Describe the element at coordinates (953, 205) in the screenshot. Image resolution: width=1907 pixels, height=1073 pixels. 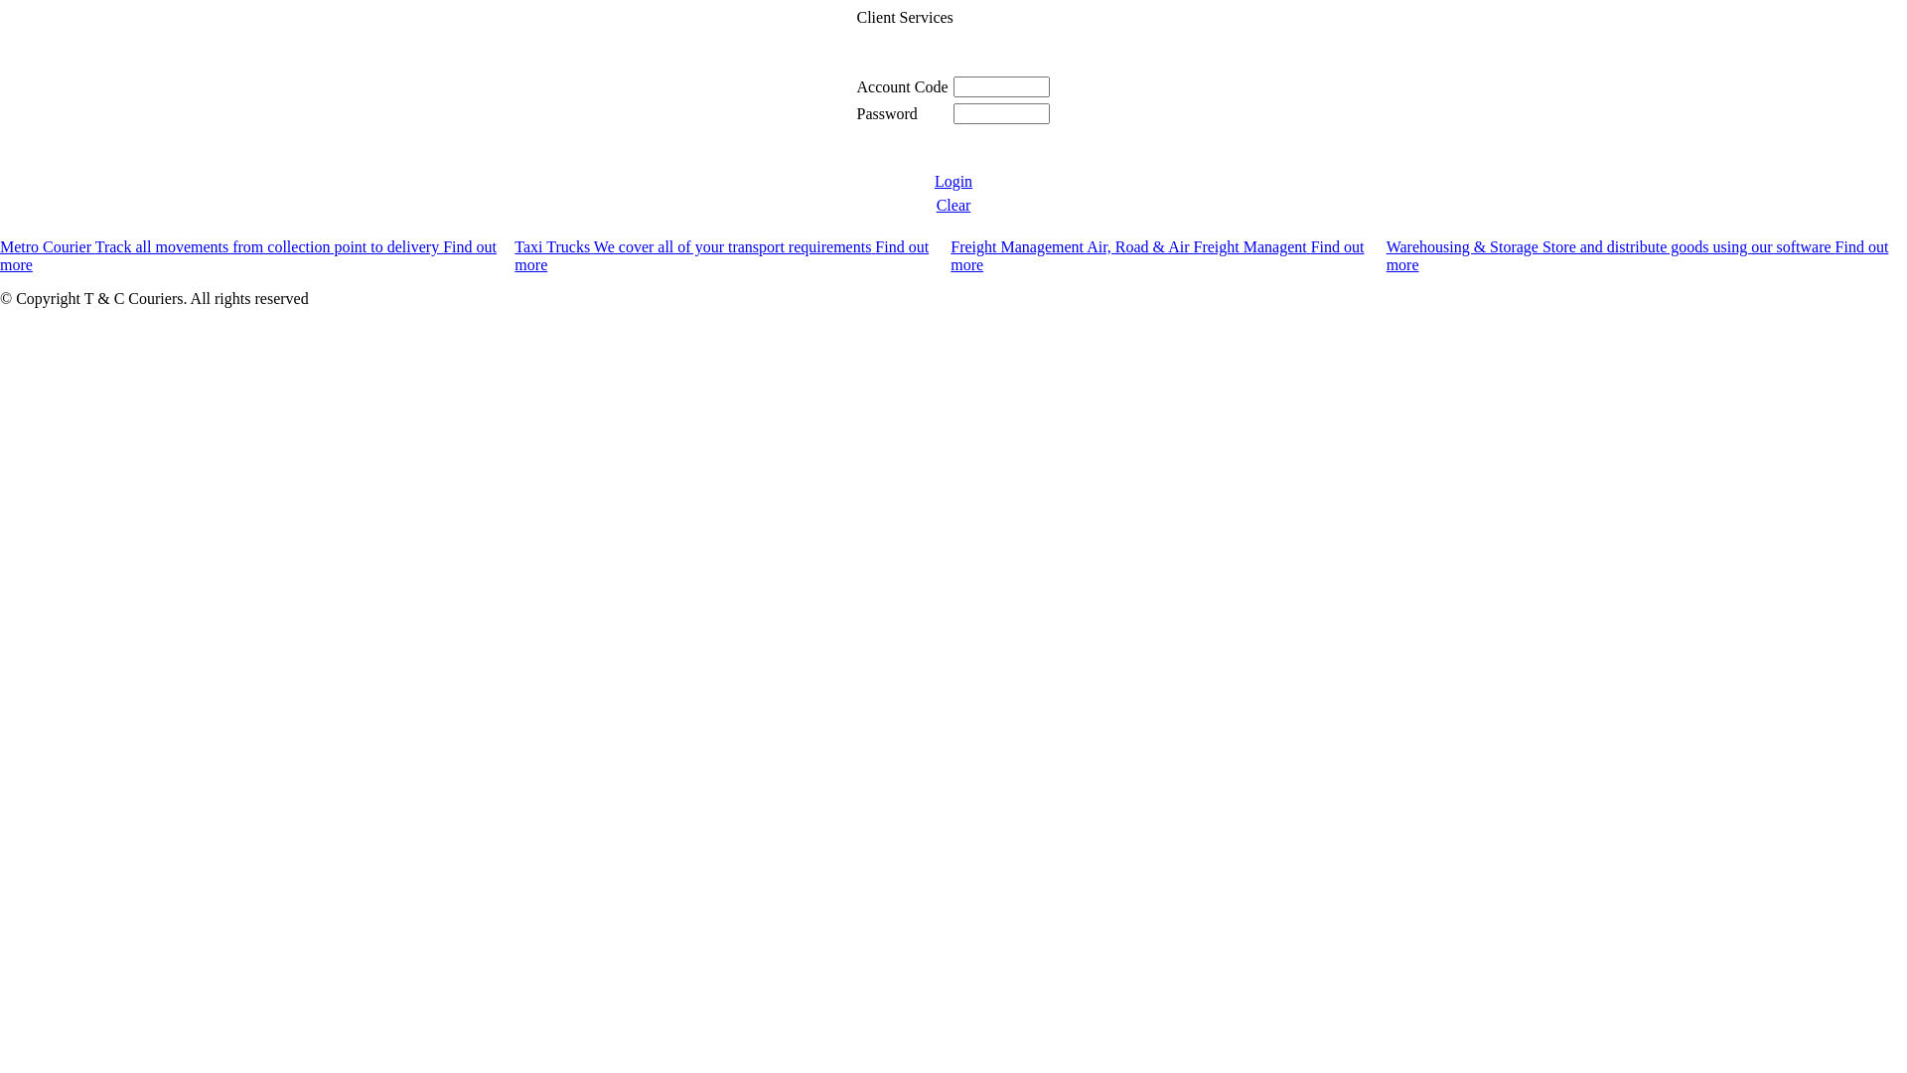
I see `'Clear'` at that location.